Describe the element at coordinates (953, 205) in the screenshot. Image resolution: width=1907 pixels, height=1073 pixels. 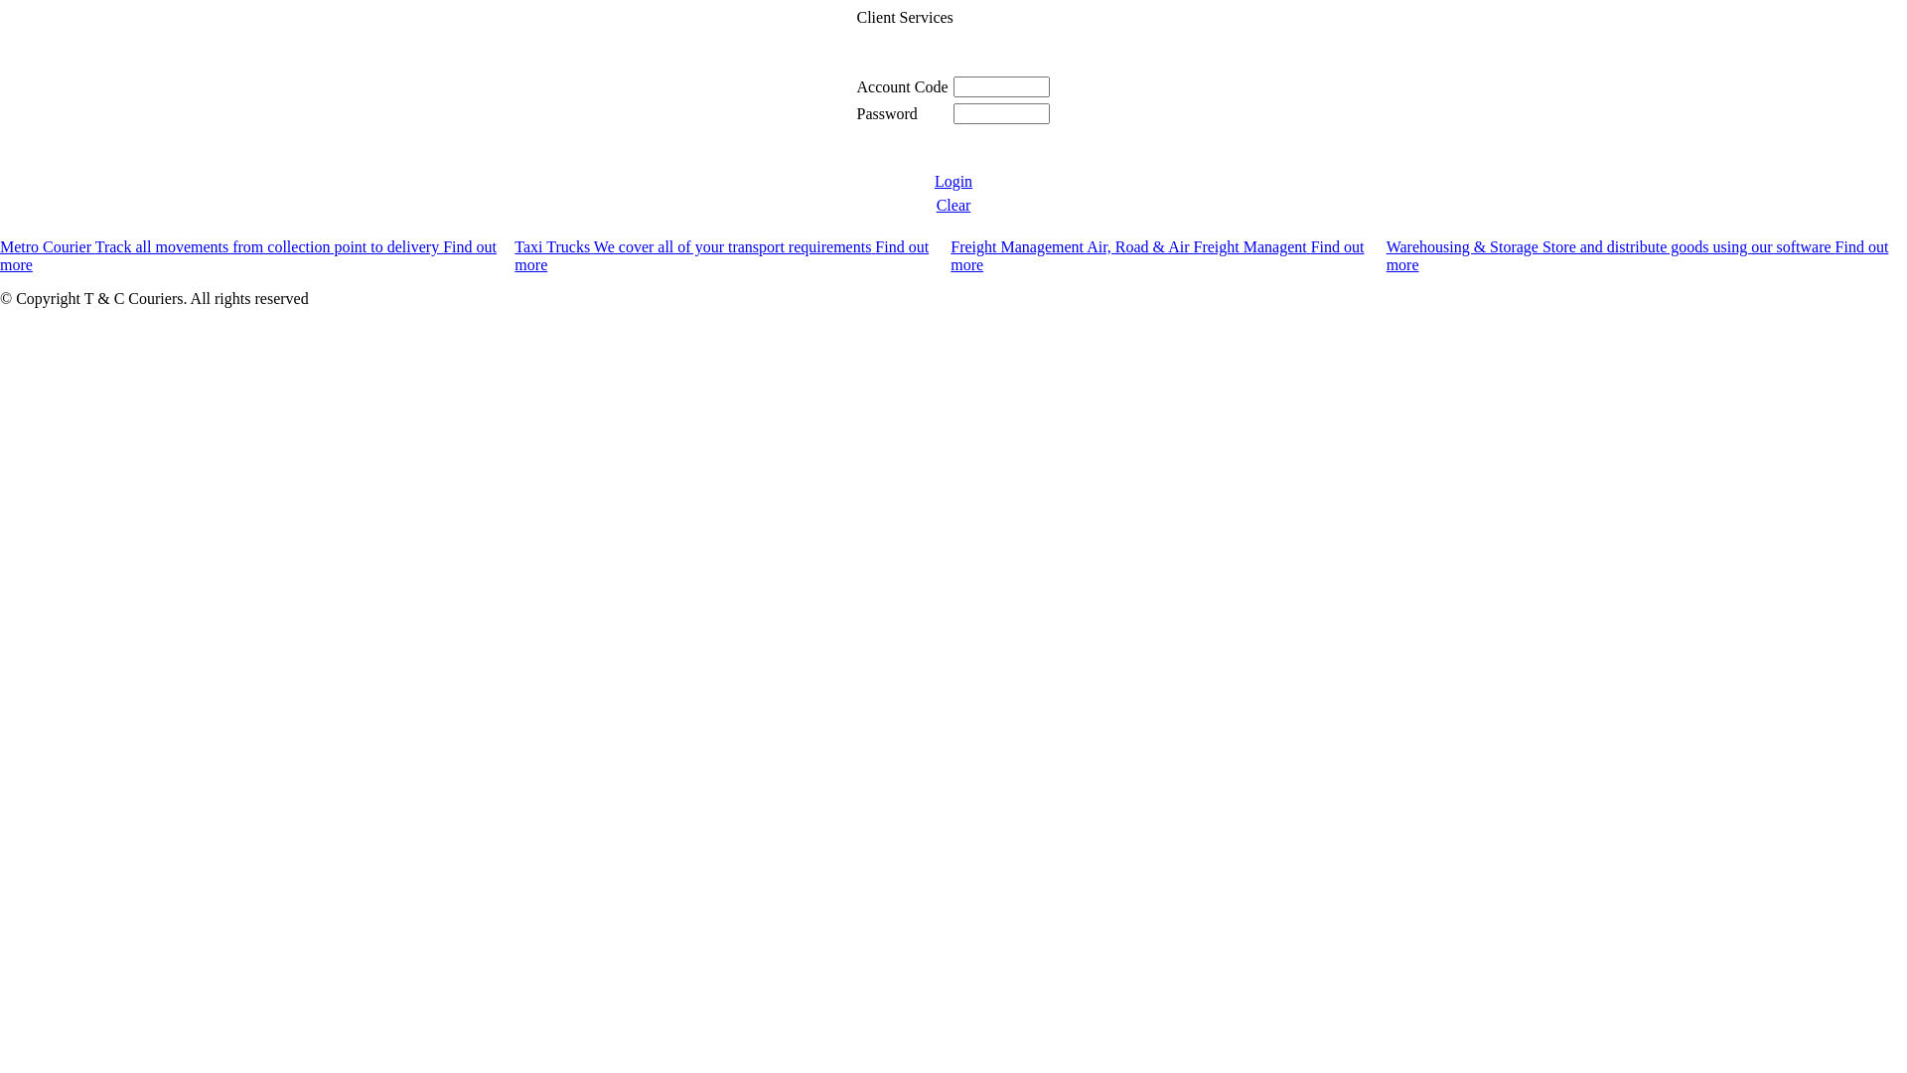
I see `'Clear'` at that location.